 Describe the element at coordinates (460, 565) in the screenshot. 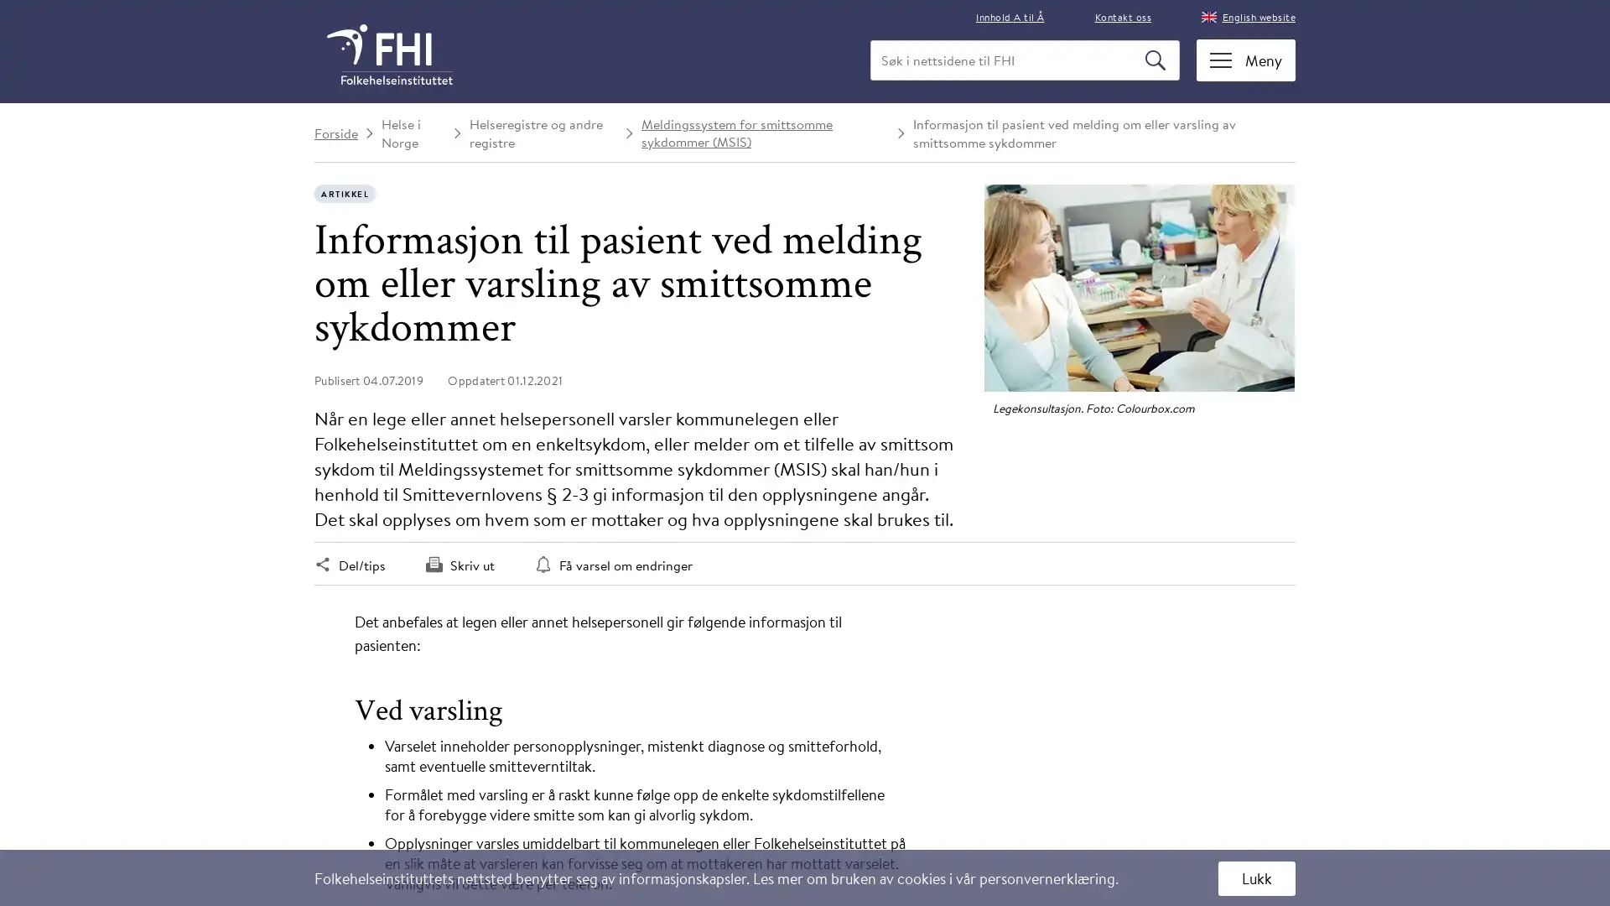

I see `Skriv ut` at that location.